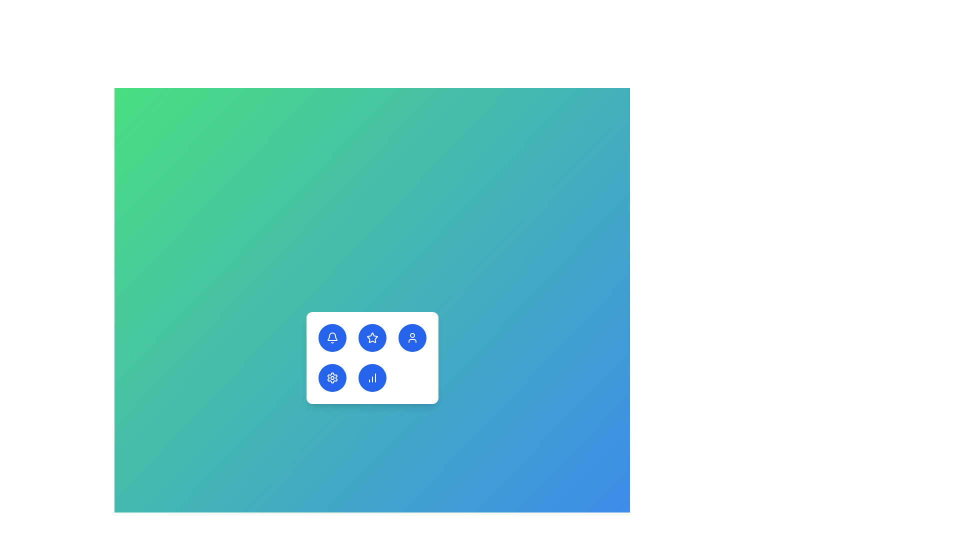  I want to click on the analytics button represented by a bar chart icon located in the bottom row, middle column of a 3x3 grid layout, so click(371, 378).